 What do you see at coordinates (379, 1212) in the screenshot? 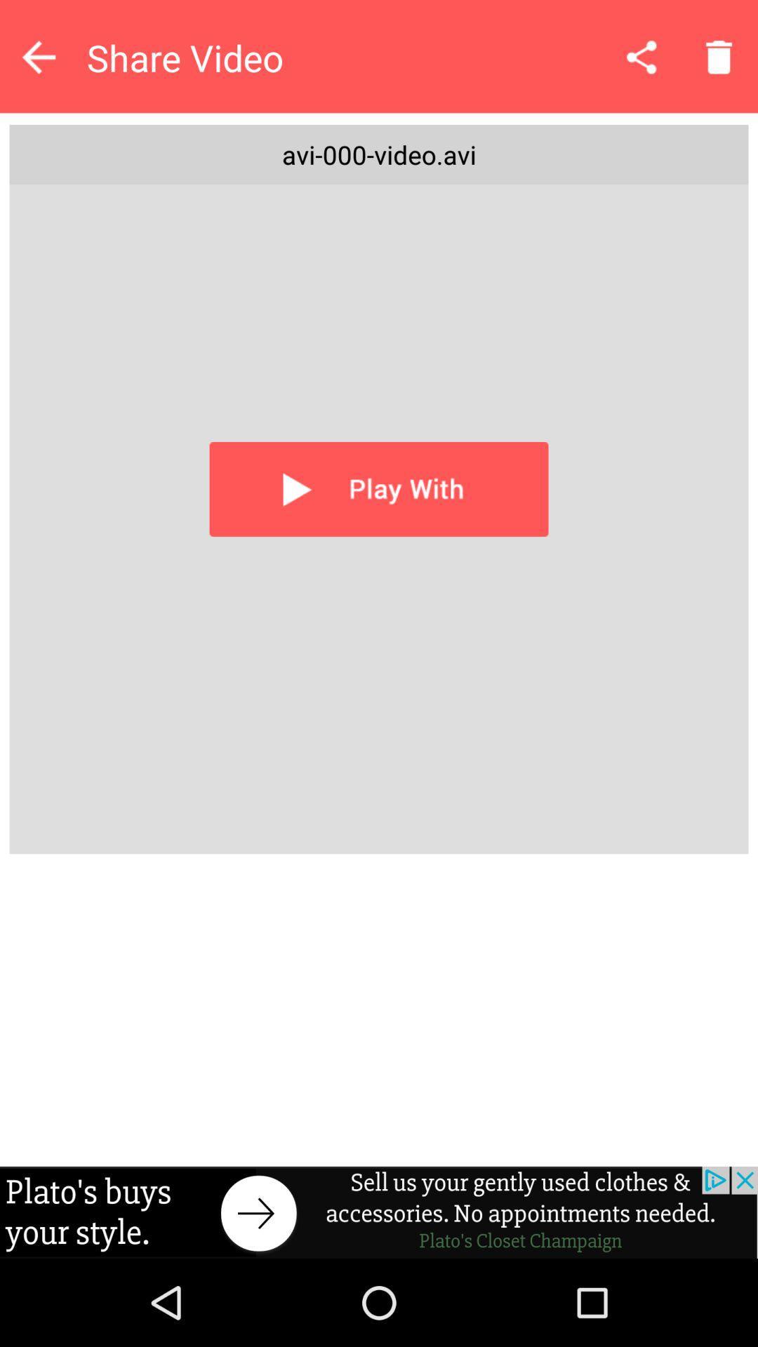
I see `click advertisement` at bounding box center [379, 1212].